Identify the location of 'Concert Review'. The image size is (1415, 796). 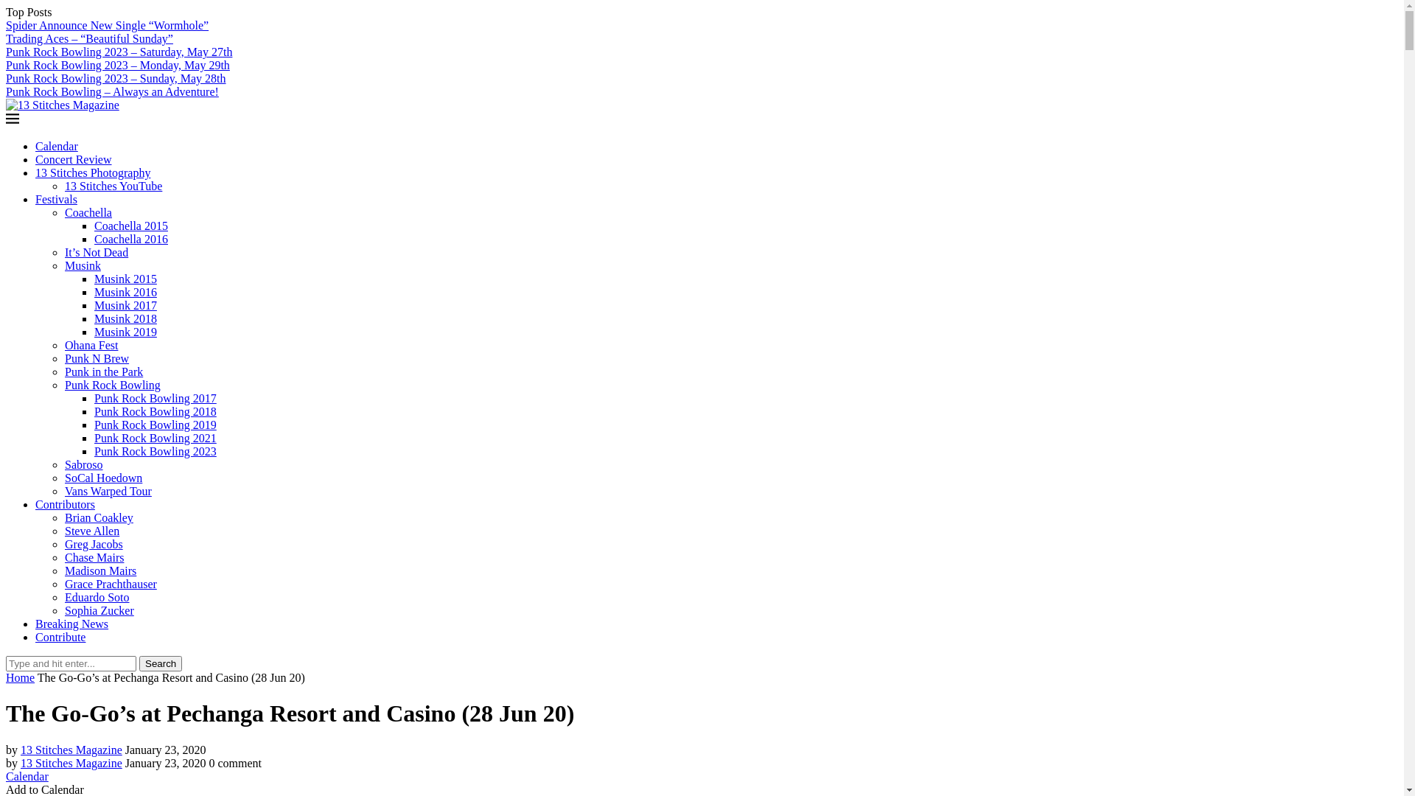
(73, 159).